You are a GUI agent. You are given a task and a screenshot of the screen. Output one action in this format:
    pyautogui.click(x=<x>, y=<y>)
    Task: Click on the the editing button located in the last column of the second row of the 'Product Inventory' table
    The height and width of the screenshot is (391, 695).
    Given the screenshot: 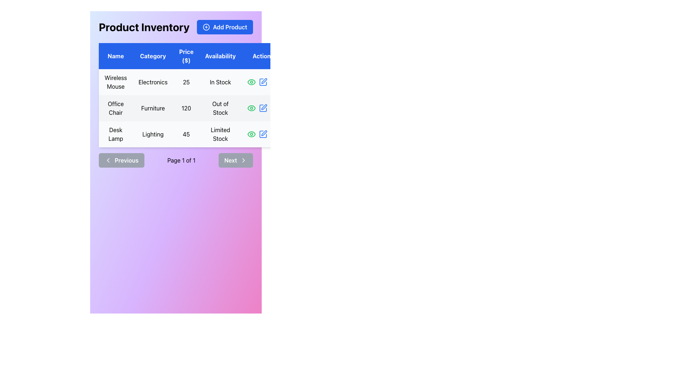 What is the action you would take?
    pyautogui.click(x=263, y=108)
    